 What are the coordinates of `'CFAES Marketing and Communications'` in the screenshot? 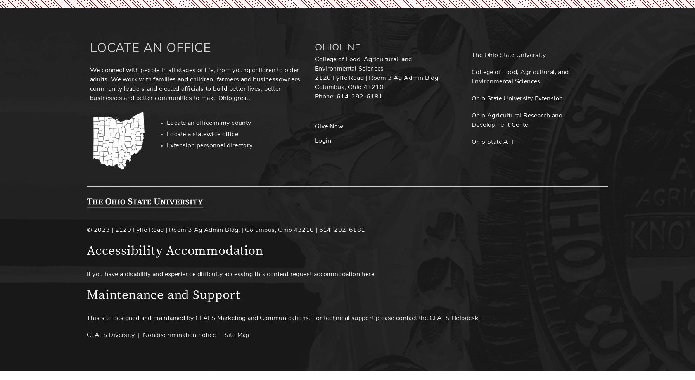 It's located at (252, 318).